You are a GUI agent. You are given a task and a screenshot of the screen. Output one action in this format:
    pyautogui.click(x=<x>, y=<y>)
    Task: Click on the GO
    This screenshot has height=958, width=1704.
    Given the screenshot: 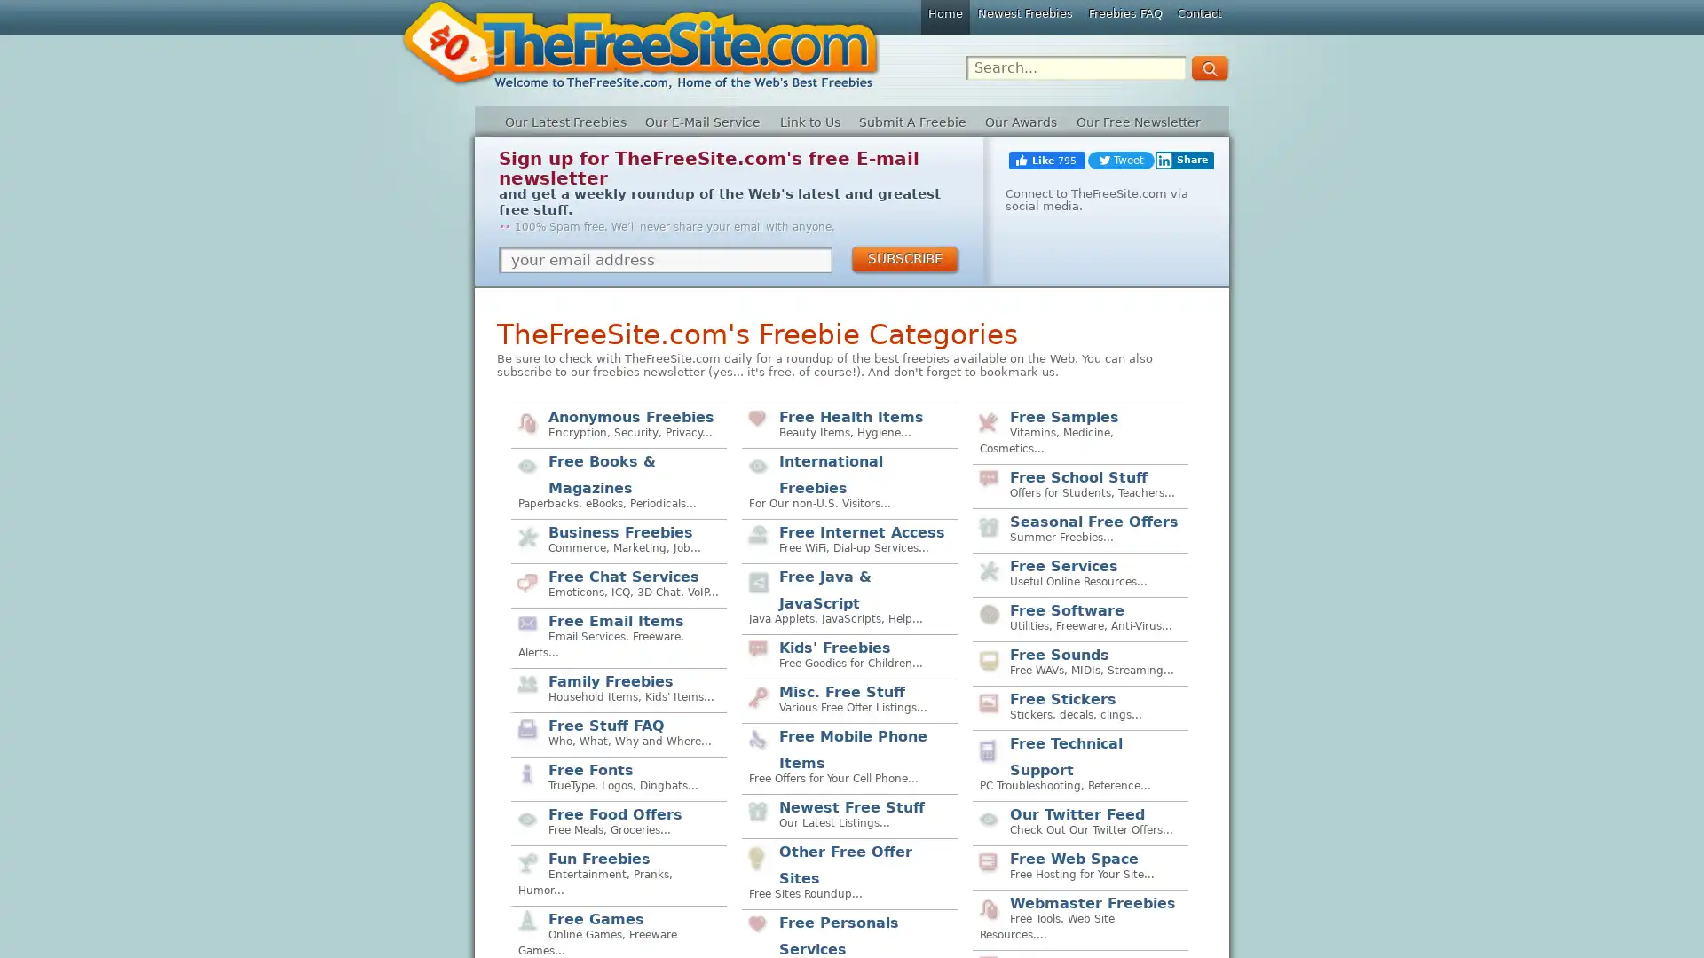 What is the action you would take?
    pyautogui.click(x=1209, y=67)
    